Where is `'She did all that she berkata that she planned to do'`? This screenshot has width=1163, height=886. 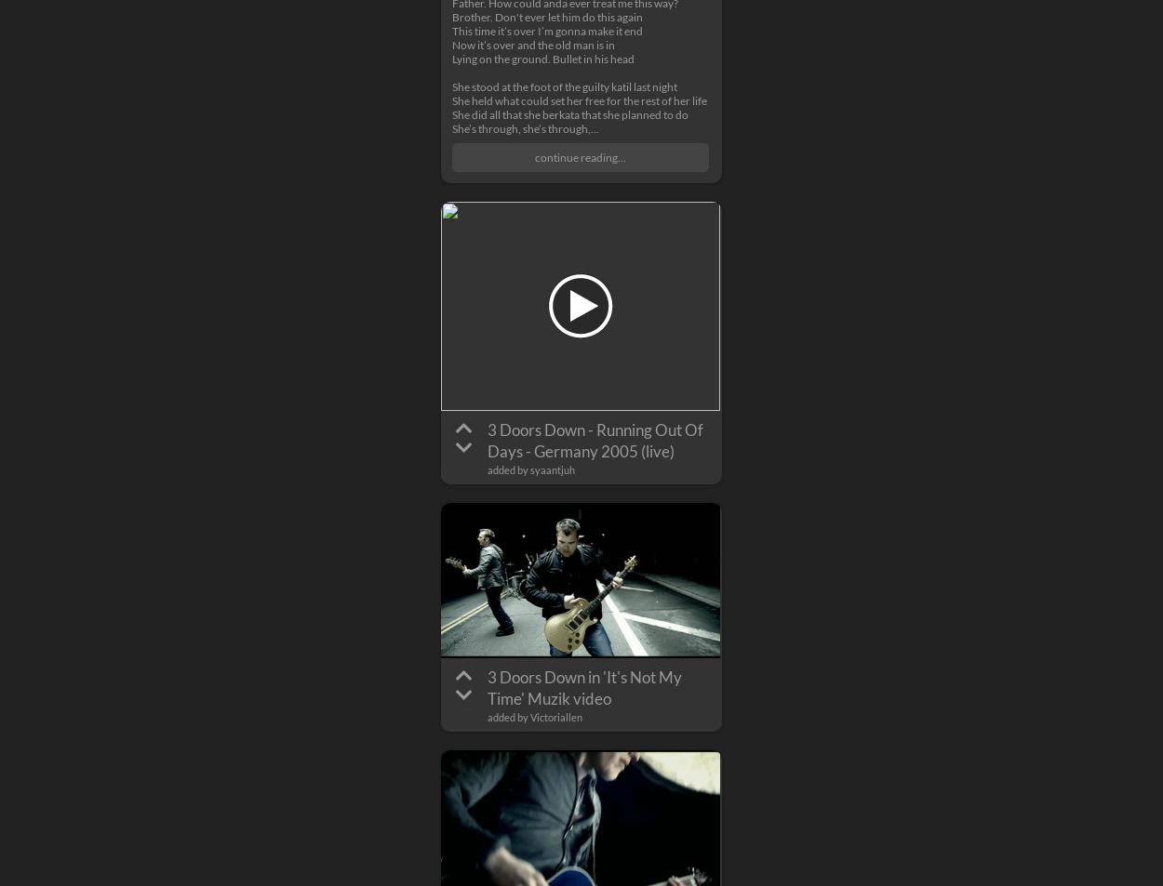 'She did all that she berkata that she planned to do' is located at coordinates (451, 113).